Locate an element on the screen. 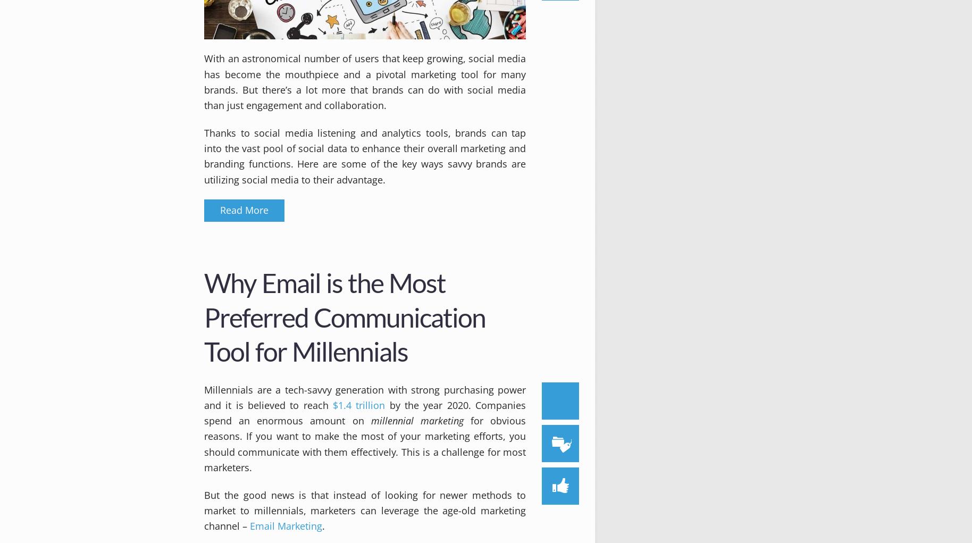  'Thanks to social media listening and analytics tools, brands can tap into the vast pool of social data to enhance their overall marketing and branding functions. Here are some of the key ways savvy brands are utilizing social media to their advantage.' is located at coordinates (364, 156).